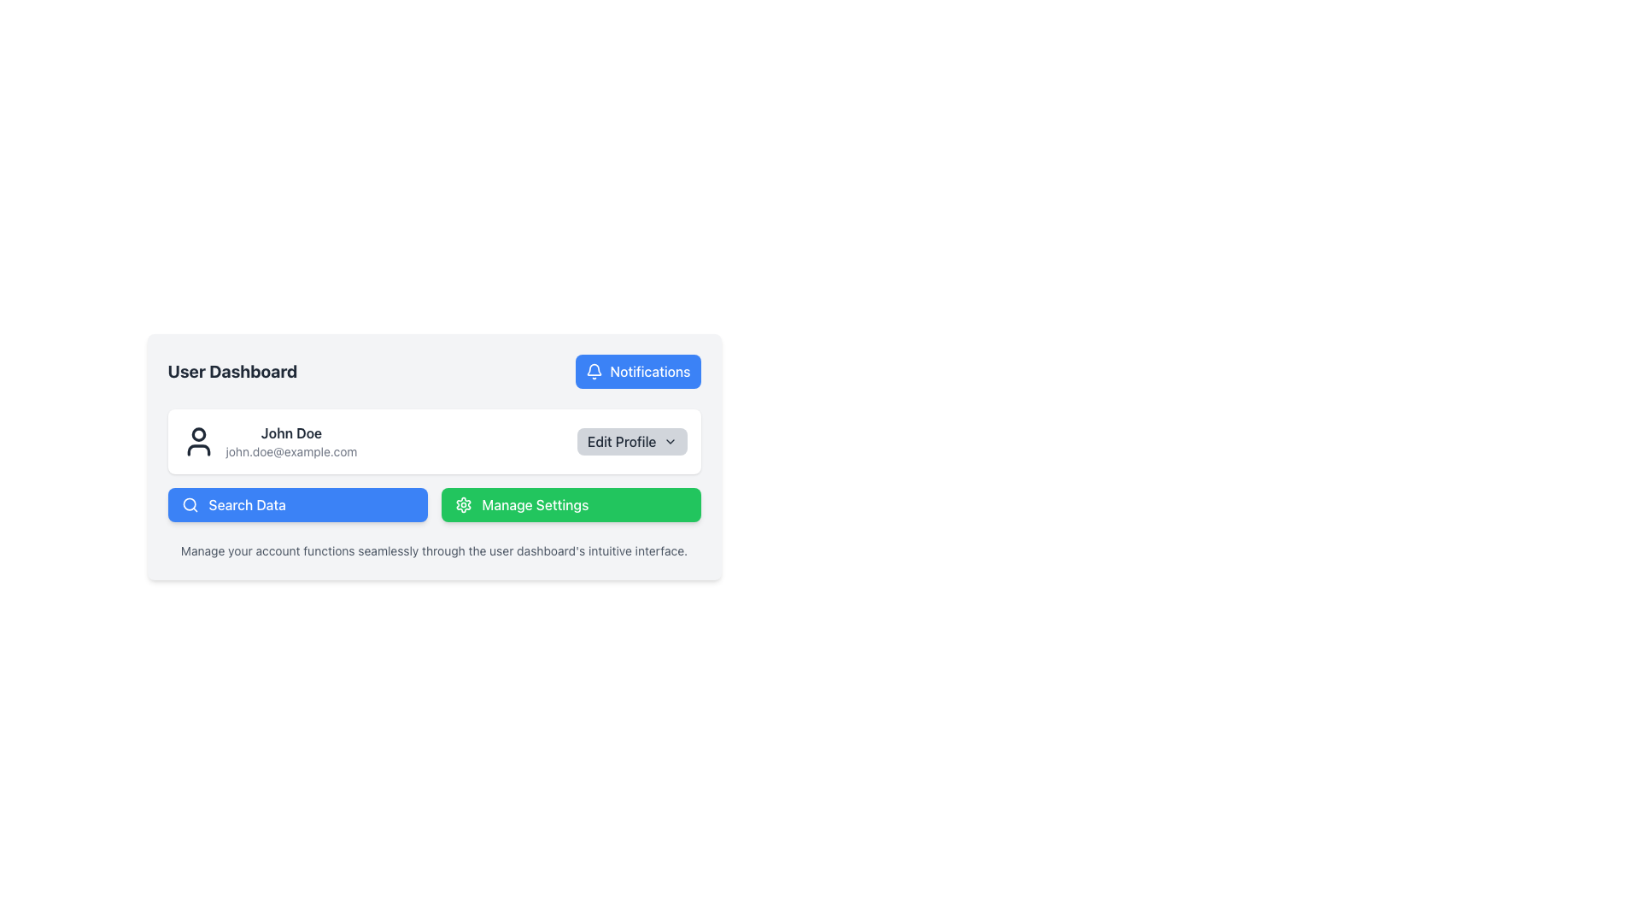 The width and height of the screenshot is (1640, 923). I want to click on the settings icon within the green 'Manage Settings' button located on the user dashboard, so click(463, 503).